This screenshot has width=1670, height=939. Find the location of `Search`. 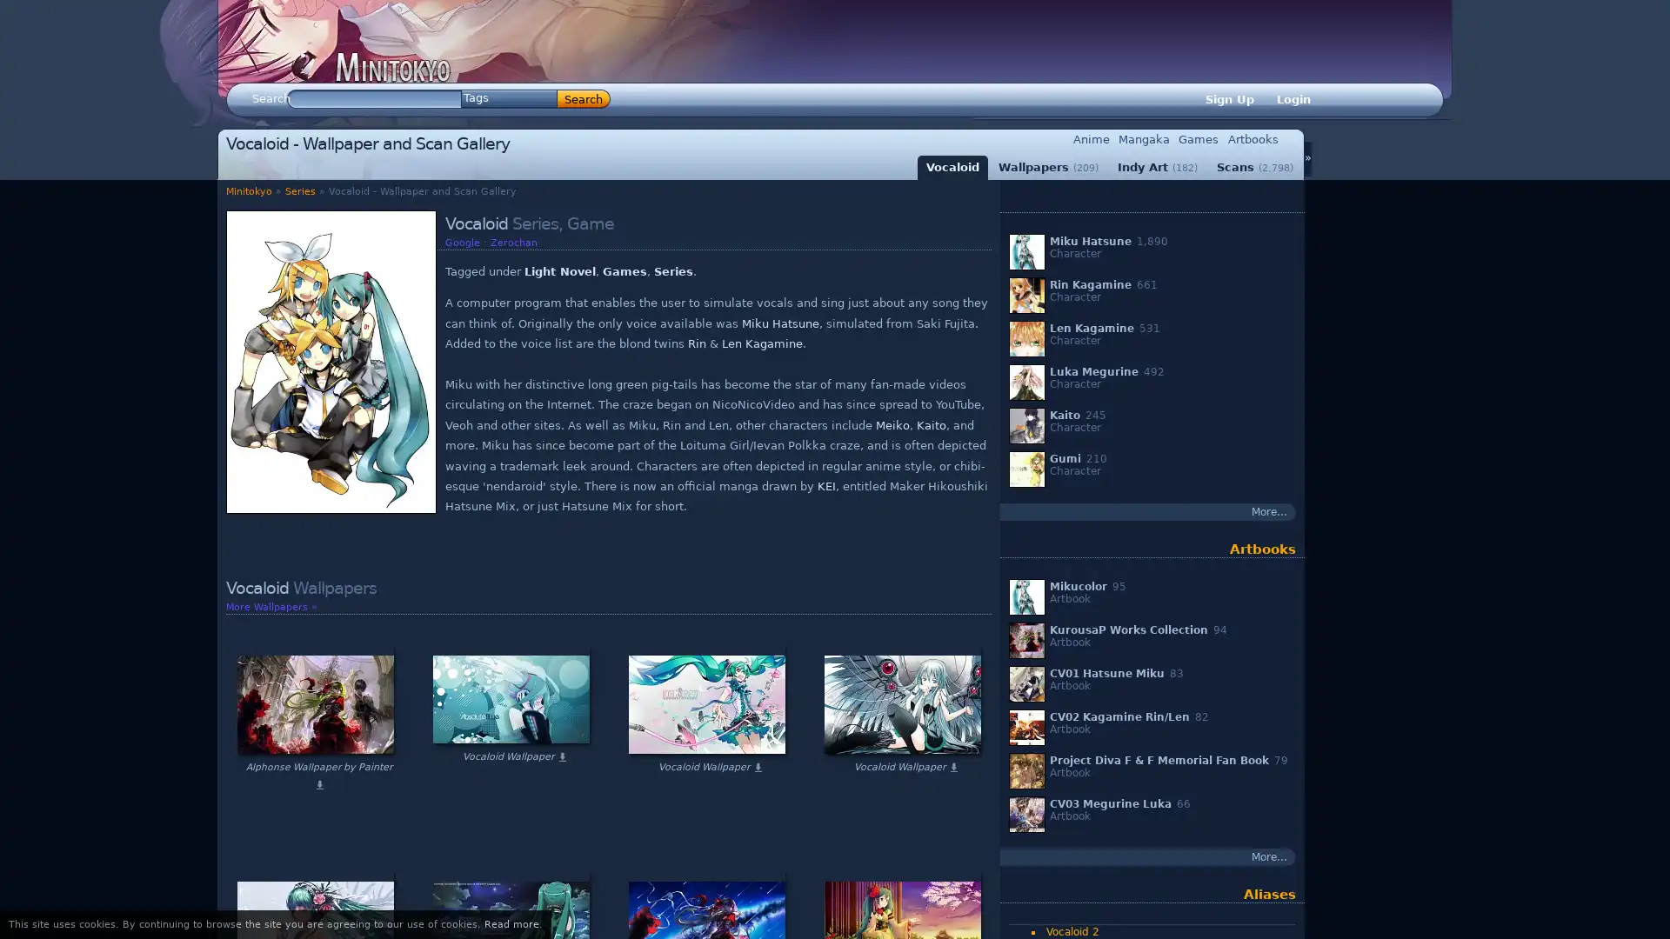

Search is located at coordinates (584, 99).